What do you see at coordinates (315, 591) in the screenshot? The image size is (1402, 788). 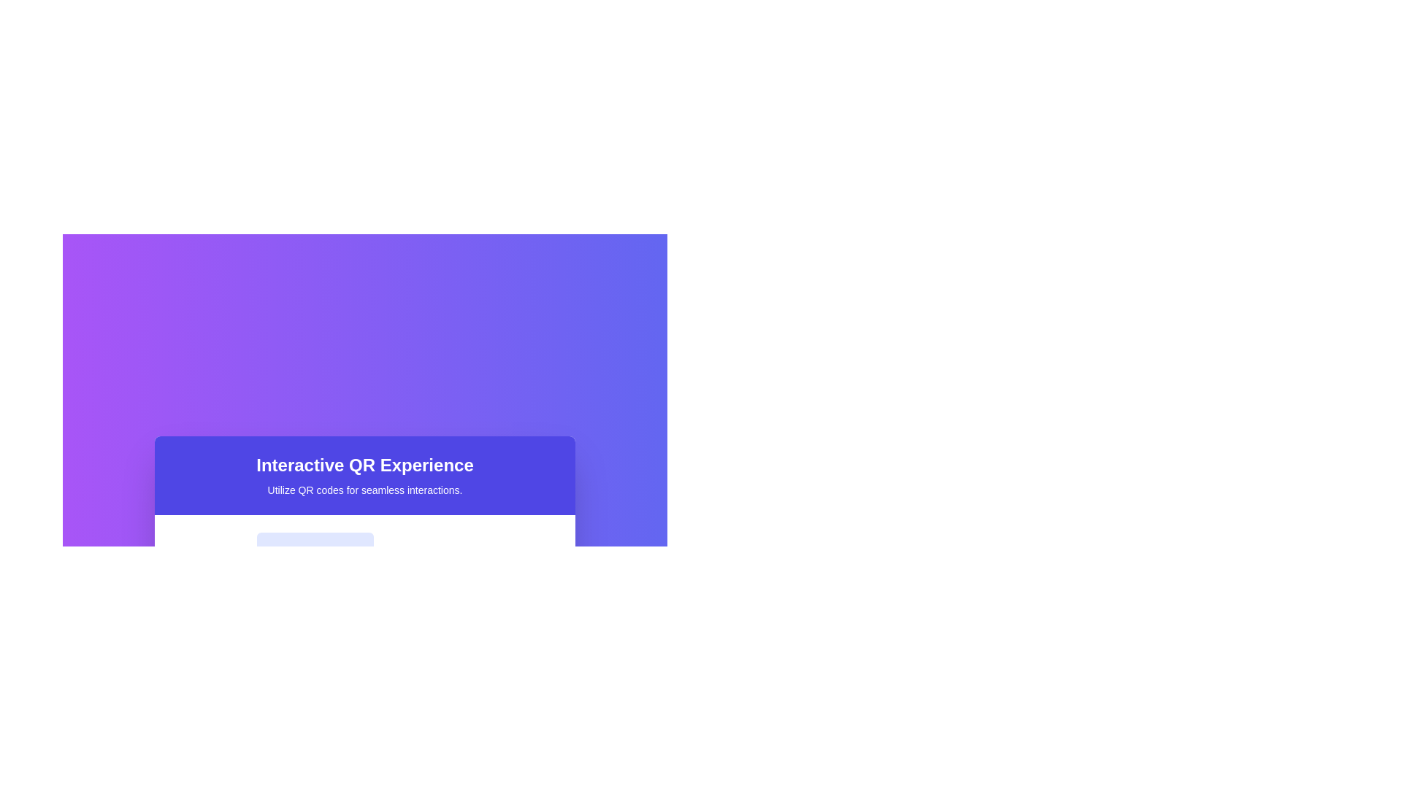 I see `QR code icon, which is located below the blue panel labeled 'Interactive QR Experience', for accessibility features` at bounding box center [315, 591].